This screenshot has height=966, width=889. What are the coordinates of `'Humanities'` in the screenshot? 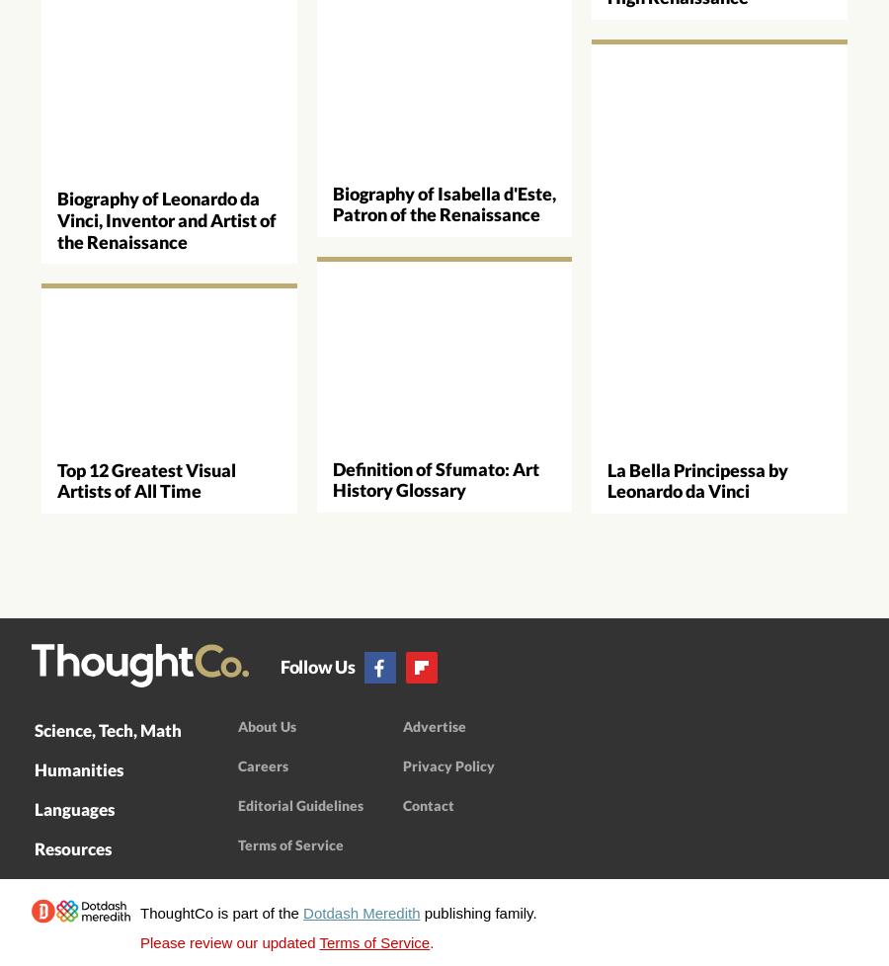 It's located at (78, 768).